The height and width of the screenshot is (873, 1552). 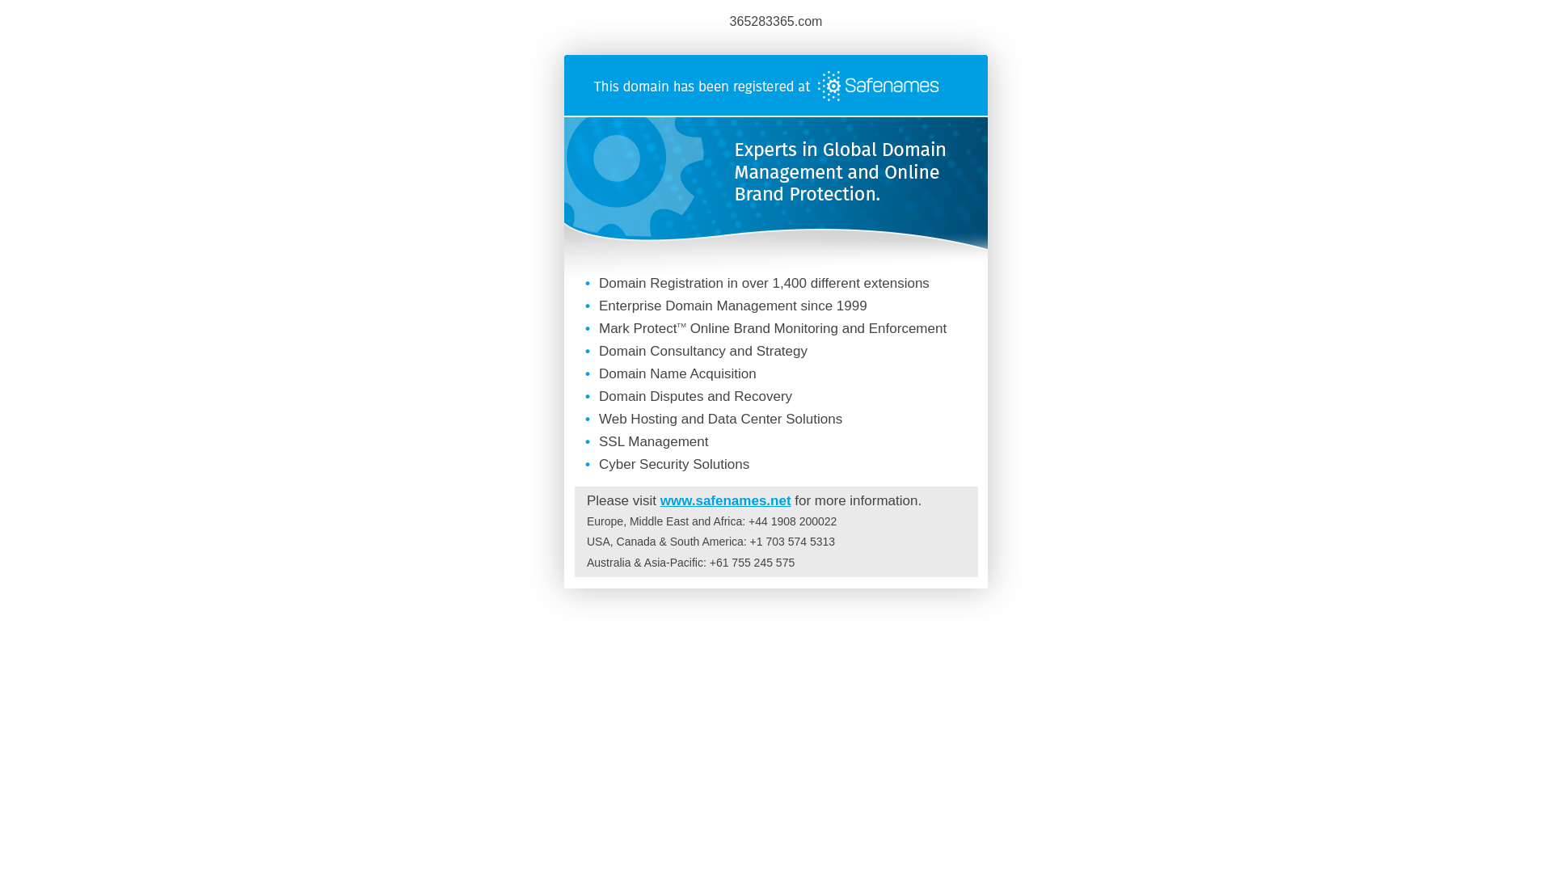 What do you see at coordinates (724, 500) in the screenshot?
I see `'www.safenames.net'` at bounding box center [724, 500].